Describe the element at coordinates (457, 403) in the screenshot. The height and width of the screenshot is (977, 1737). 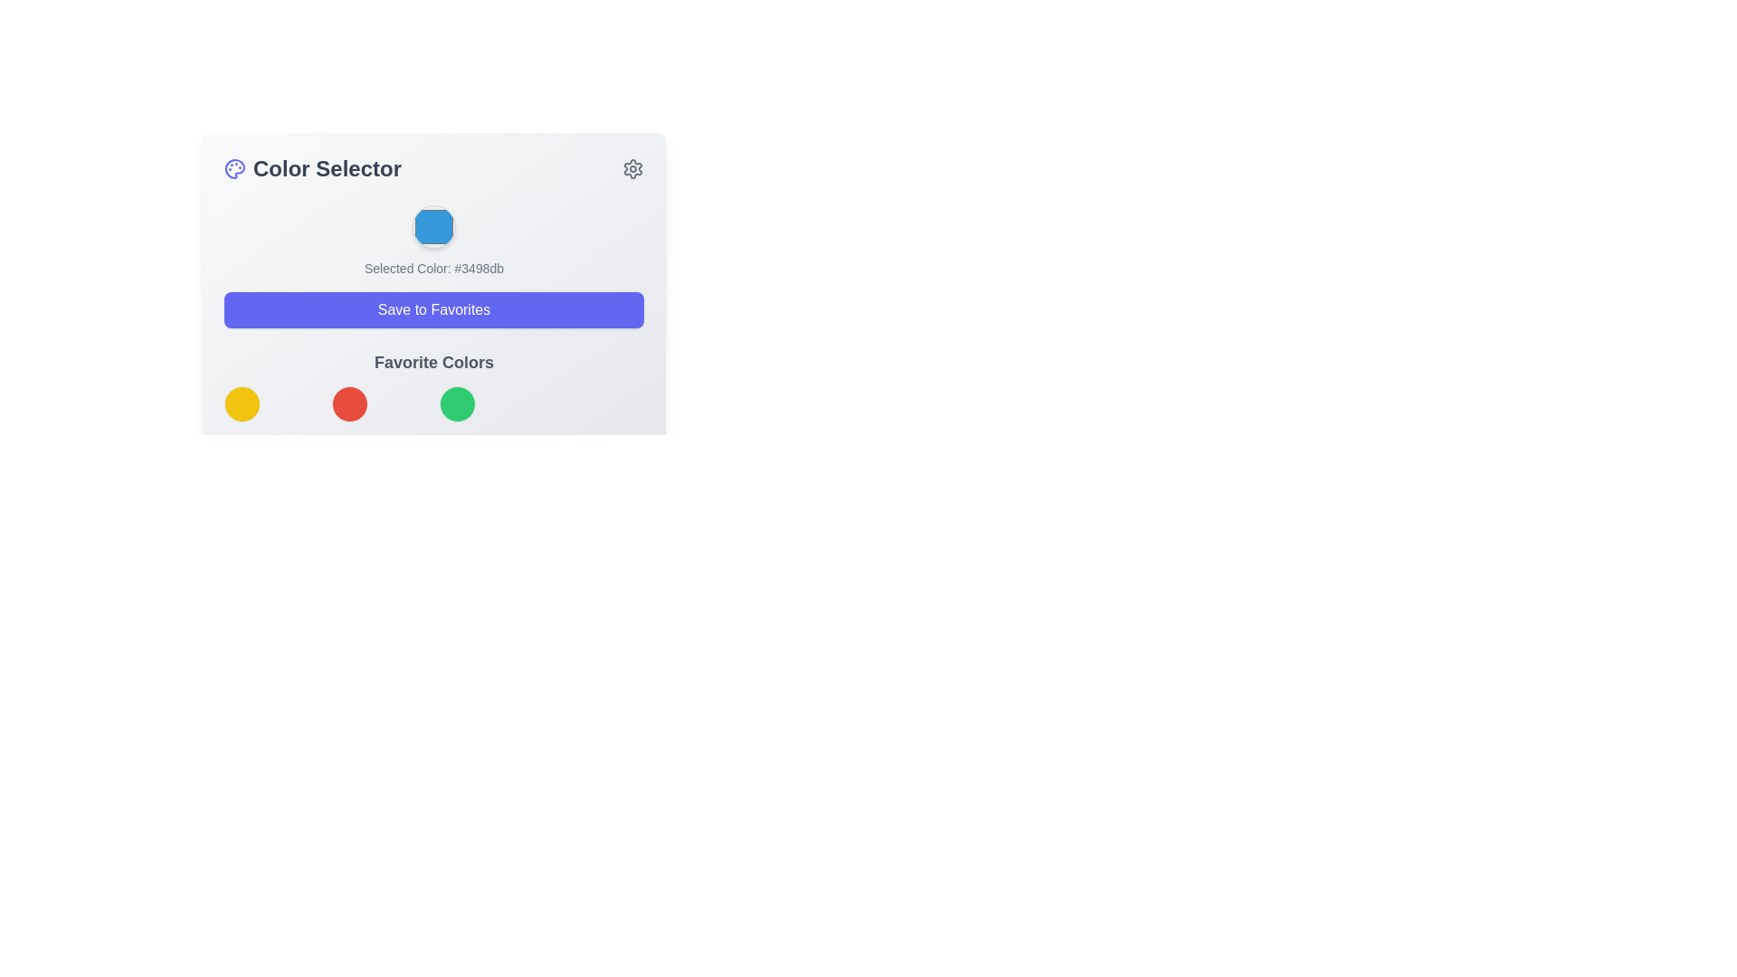
I see `the green Color option button, which is the third in a horizontal sequence of circular color buttons in the 'Favorite Colors' section` at that location.